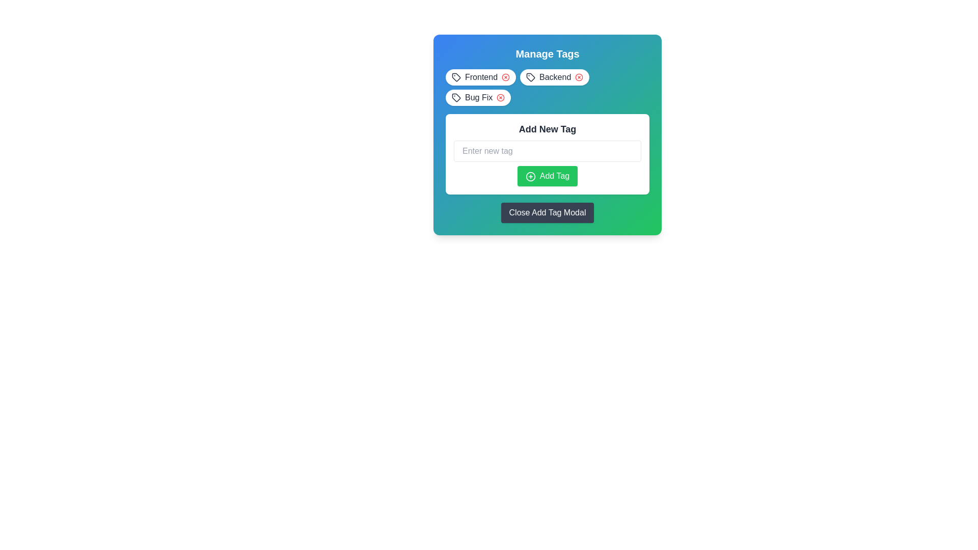 The image size is (978, 550). Describe the element at coordinates (530, 76) in the screenshot. I see `the icon representing the 'Backend' tag, located to the left of the text 'Backend' within a card titled 'Manage Tags'` at that location.